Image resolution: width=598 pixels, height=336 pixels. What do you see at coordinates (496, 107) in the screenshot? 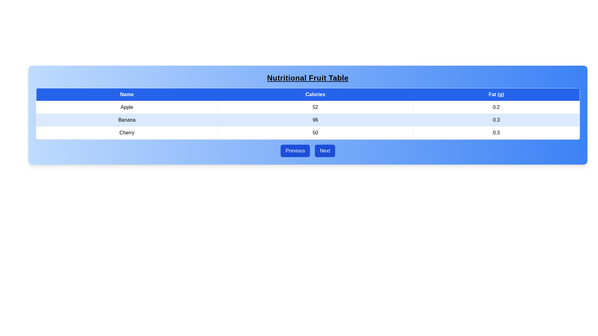
I see `the text display field showing '0.2' in the 'Fat (g)' column associated with 'Apple'` at bounding box center [496, 107].